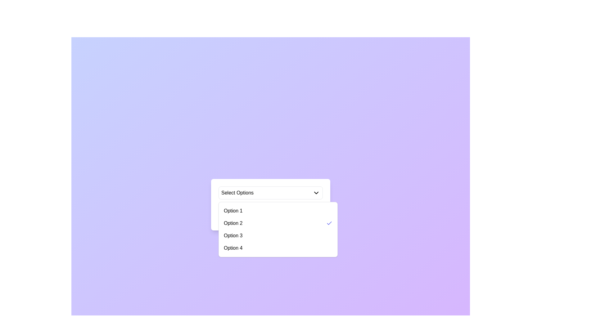 The width and height of the screenshot is (596, 335). What do you see at coordinates (278, 248) in the screenshot?
I see `the fourth item in the dropdown menu` at bounding box center [278, 248].